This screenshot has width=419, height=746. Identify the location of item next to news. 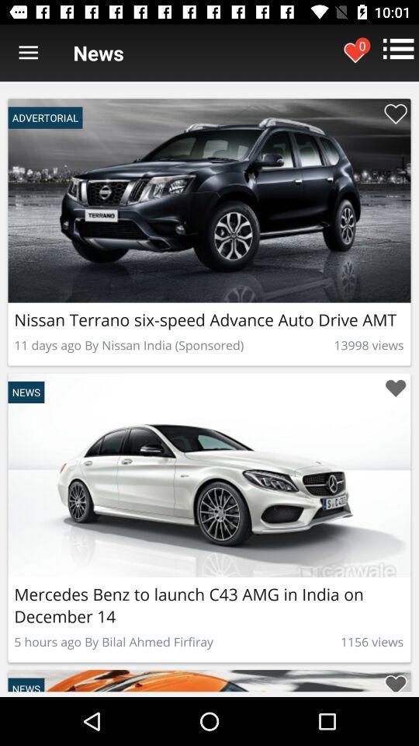
(28, 53).